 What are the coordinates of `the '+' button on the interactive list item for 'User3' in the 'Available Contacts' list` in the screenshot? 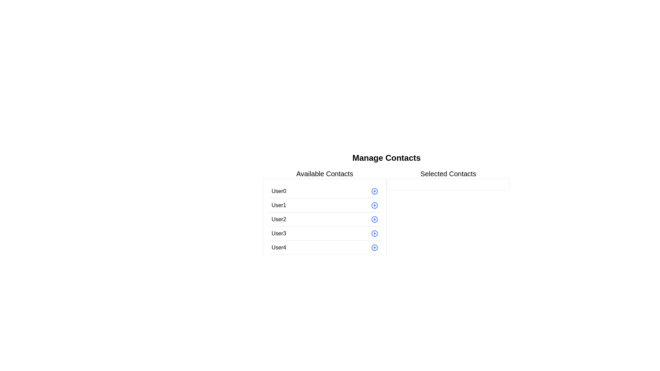 It's located at (324, 233).